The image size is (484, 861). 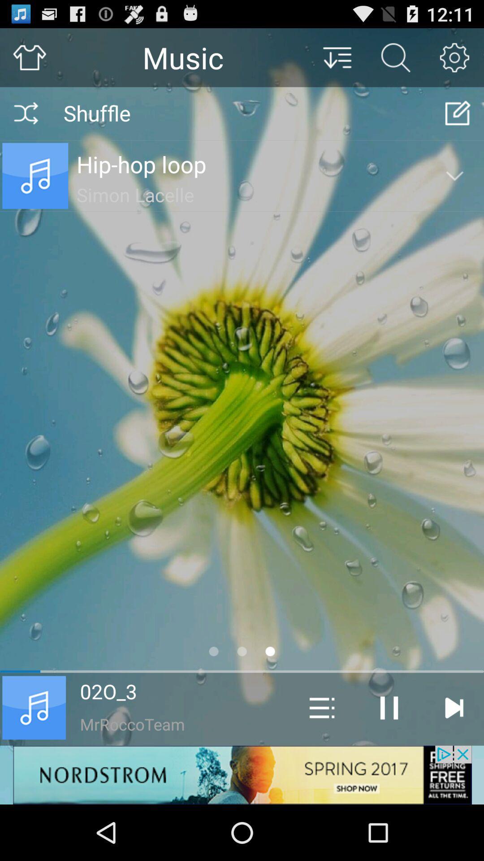 I want to click on the search icon, so click(x=395, y=61).